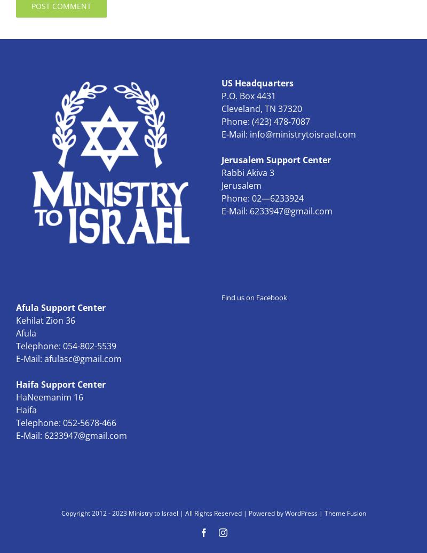 This screenshot has height=553, width=427. What do you see at coordinates (241, 185) in the screenshot?
I see `'Jerusalem'` at bounding box center [241, 185].